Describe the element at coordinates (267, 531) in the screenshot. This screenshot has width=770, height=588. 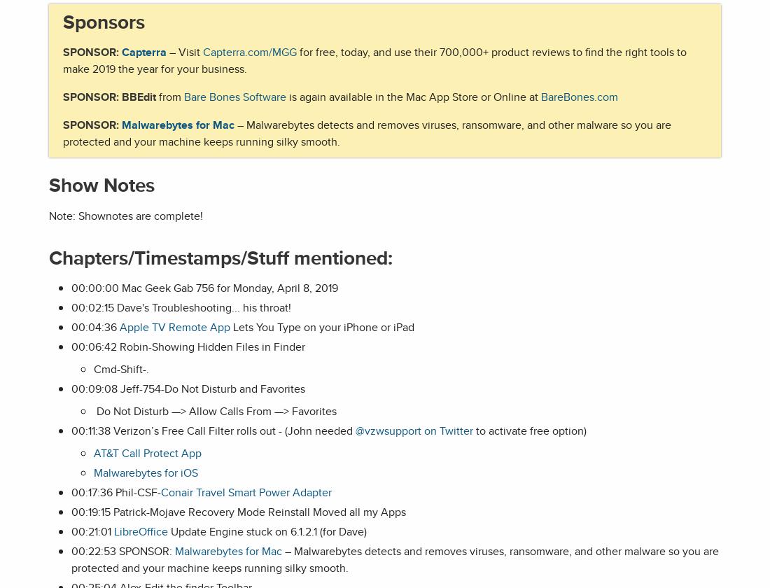
I see `'Update Engine stuck on 6.1.2.1 (for Dave)'` at that location.